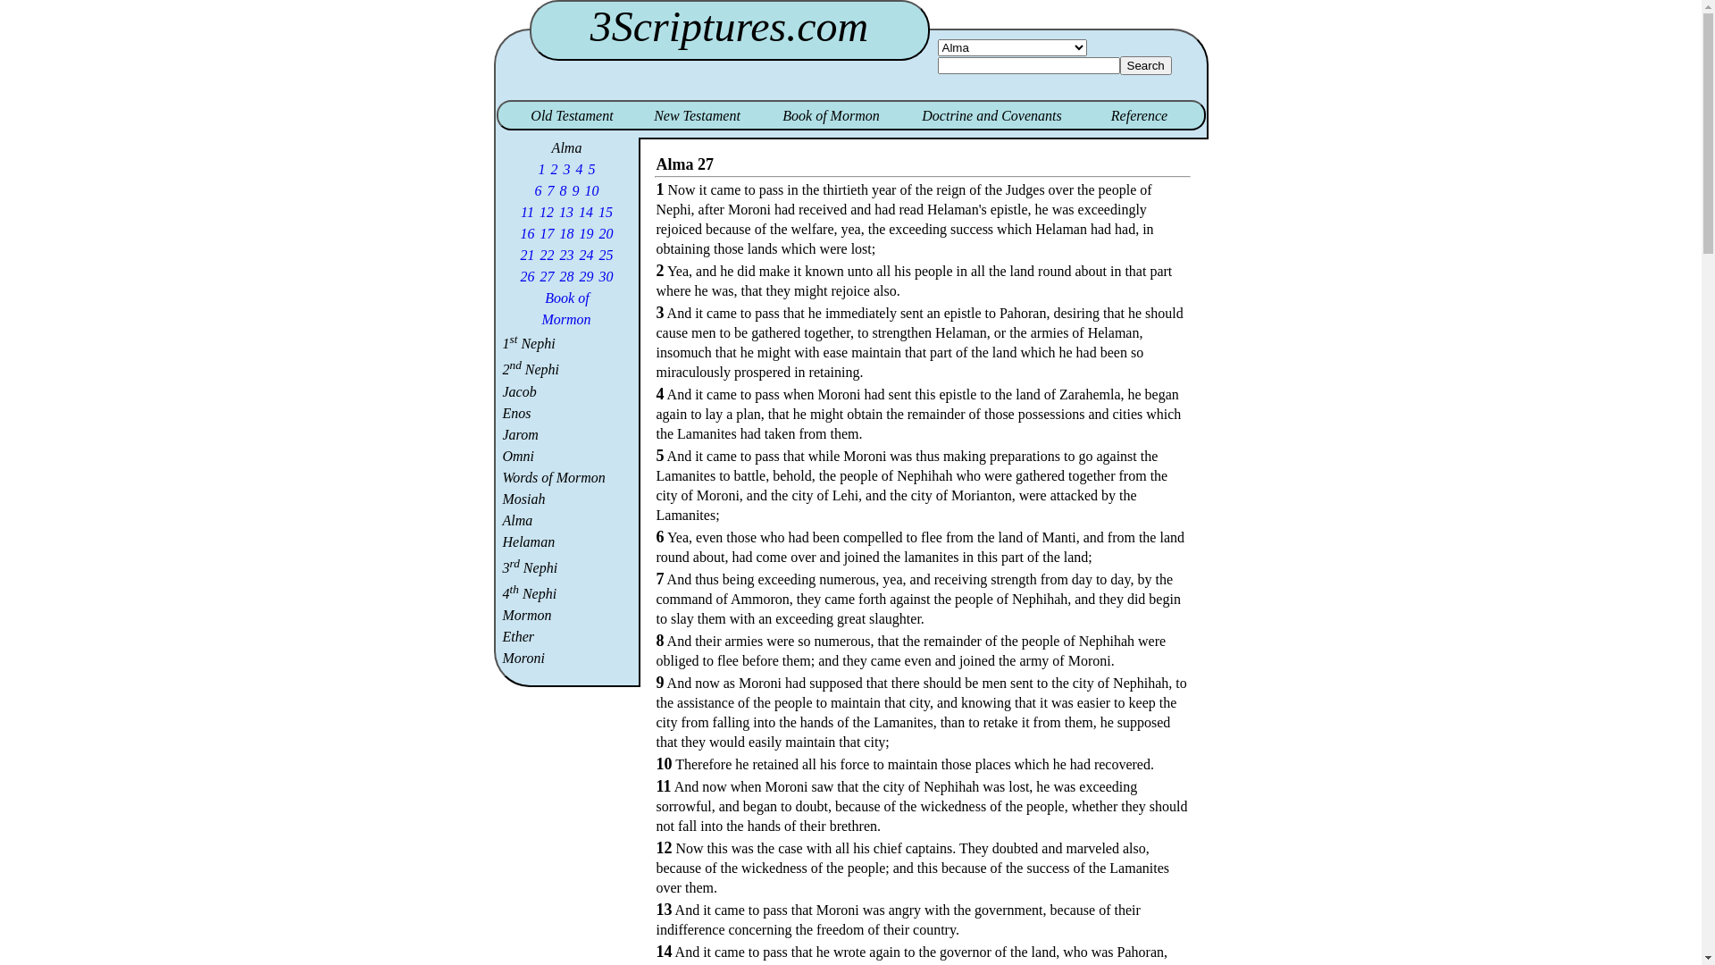  What do you see at coordinates (579, 169) in the screenshot?
I see `'4'` at bounding box center [579, 169].